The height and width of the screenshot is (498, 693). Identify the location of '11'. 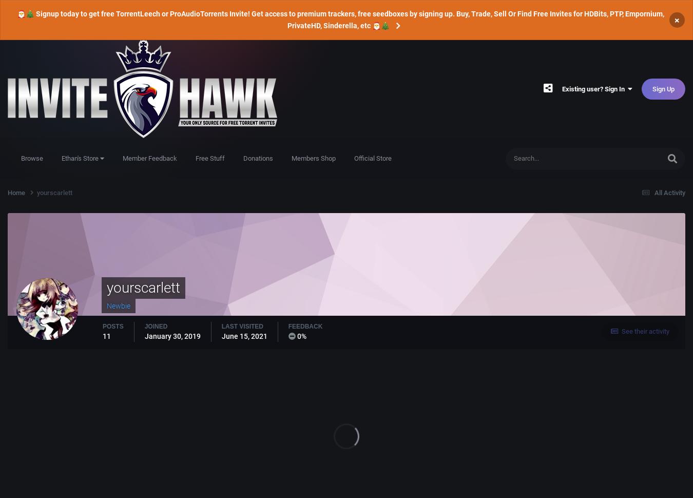
(107, 336).